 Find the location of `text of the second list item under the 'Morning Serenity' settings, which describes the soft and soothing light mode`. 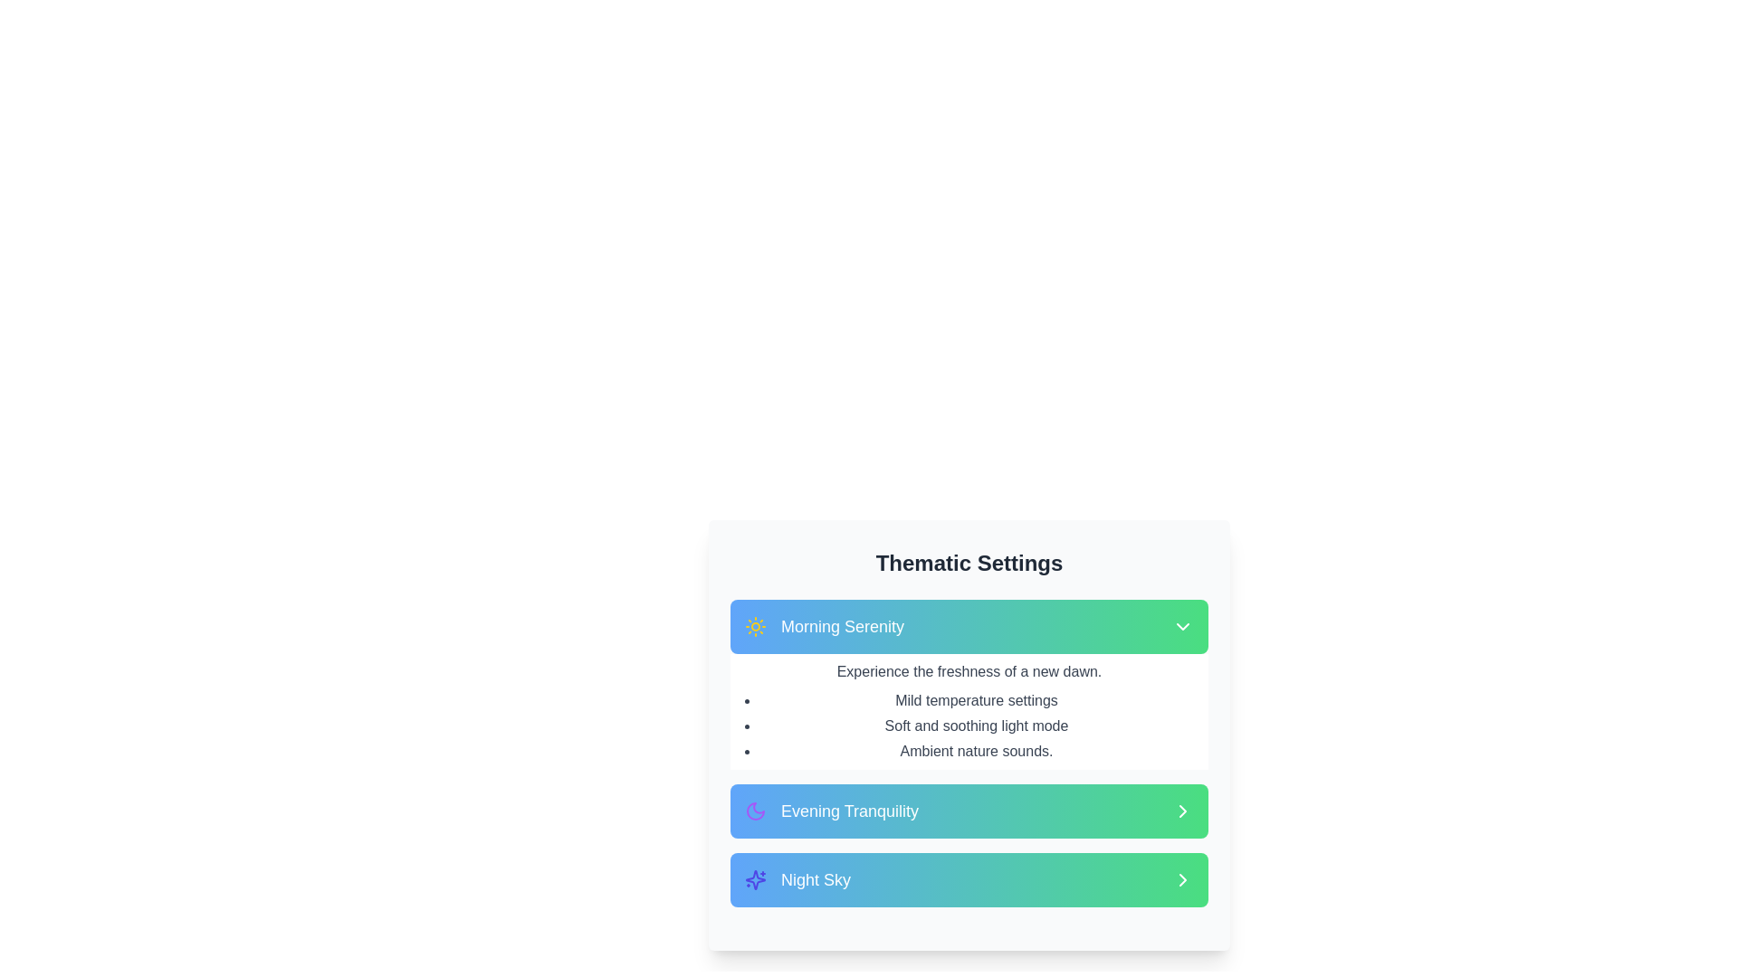

text of the second list item under the 'Morning Serenity' settings, which describes the soft and soothing light mode is located at coordinates (976, 725).